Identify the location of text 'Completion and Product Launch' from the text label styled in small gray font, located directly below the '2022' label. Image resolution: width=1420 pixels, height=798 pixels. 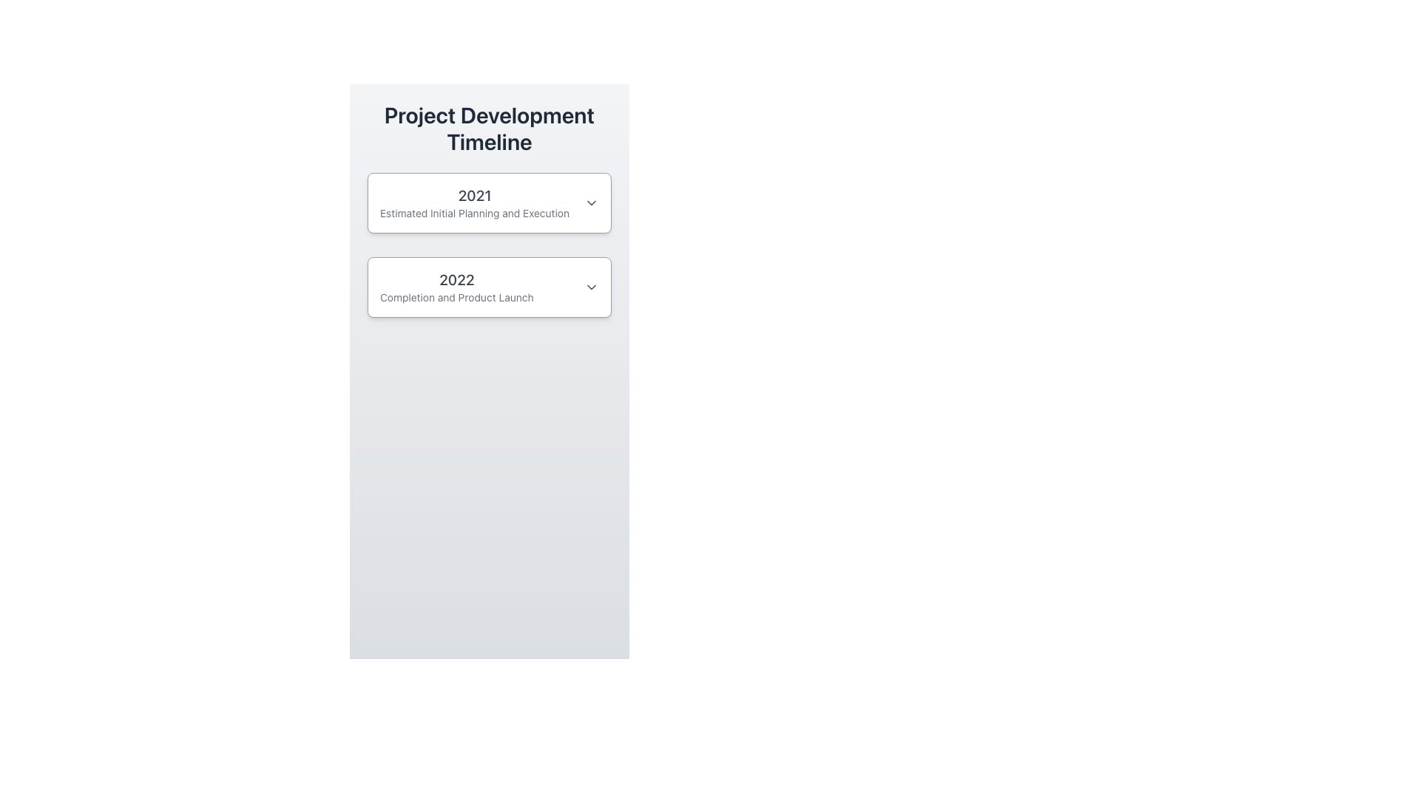
(456, 297).